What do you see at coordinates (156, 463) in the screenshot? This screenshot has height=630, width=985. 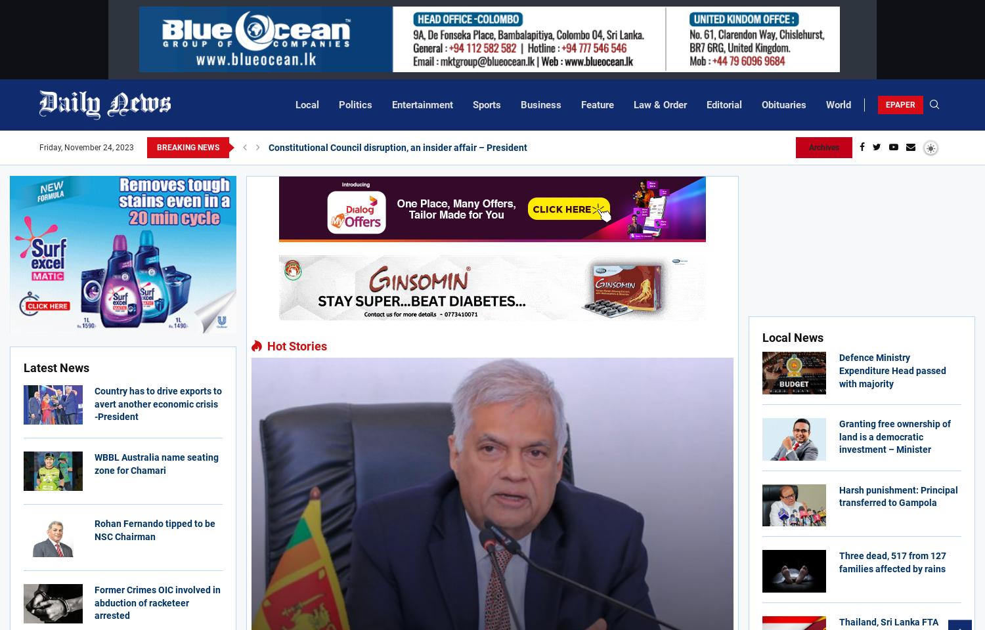 I see `'WBBL Australia name seating zone for Chamari'` at bounding box center [156, 463].